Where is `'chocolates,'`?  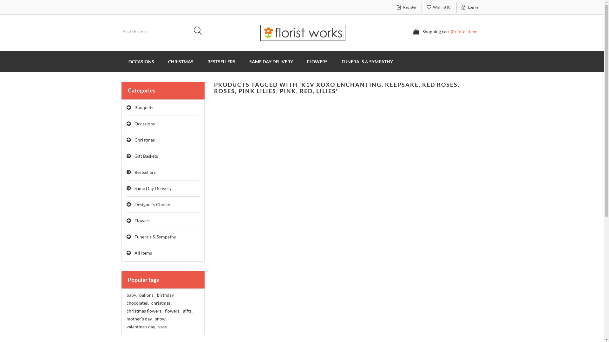
'chocolates,' is located at coordinates (137, 302).